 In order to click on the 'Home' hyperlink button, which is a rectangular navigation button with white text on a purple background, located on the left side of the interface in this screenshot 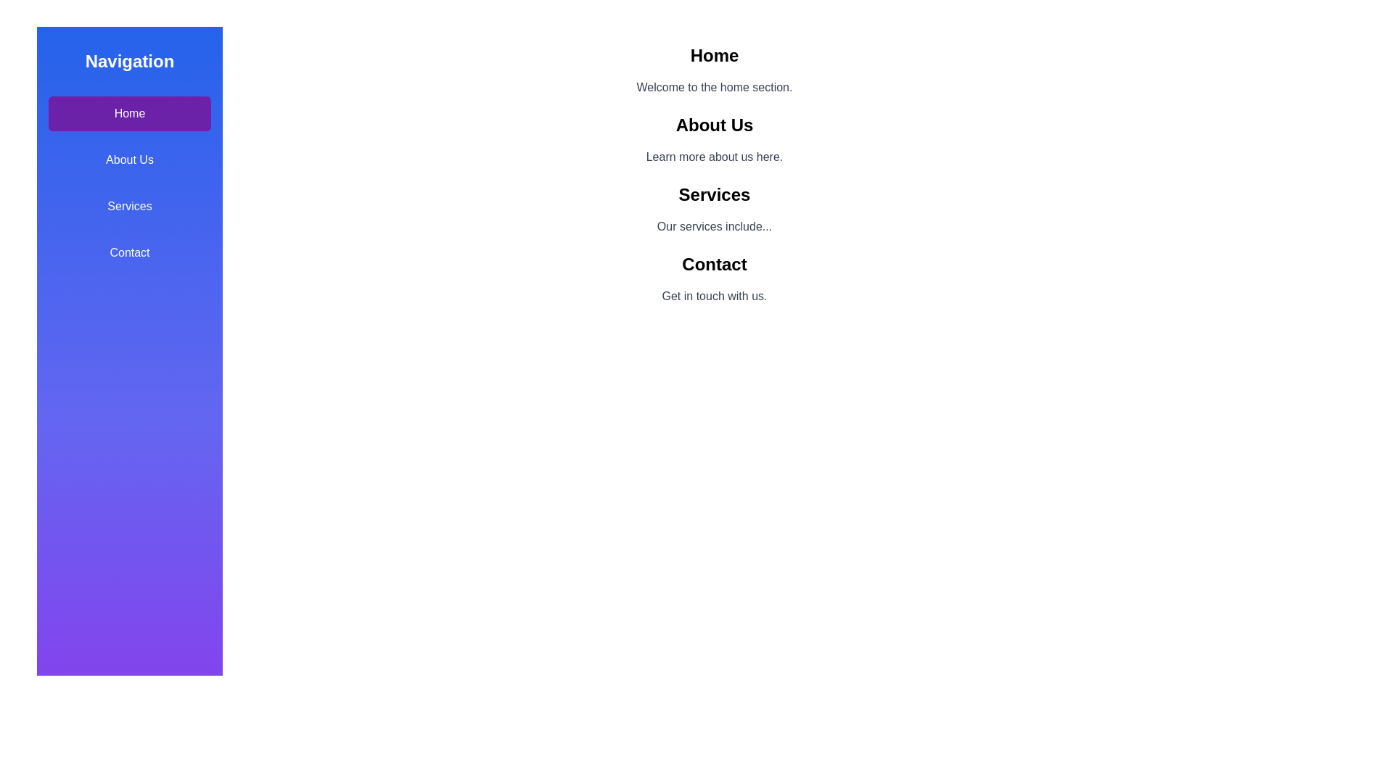, I will do `click(129, 113)`.